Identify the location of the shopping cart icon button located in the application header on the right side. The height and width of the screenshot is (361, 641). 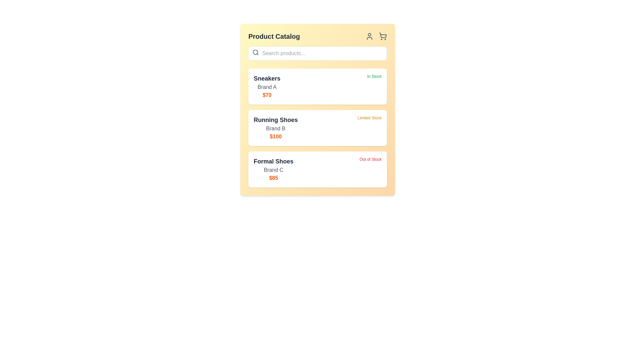
(383, 36).